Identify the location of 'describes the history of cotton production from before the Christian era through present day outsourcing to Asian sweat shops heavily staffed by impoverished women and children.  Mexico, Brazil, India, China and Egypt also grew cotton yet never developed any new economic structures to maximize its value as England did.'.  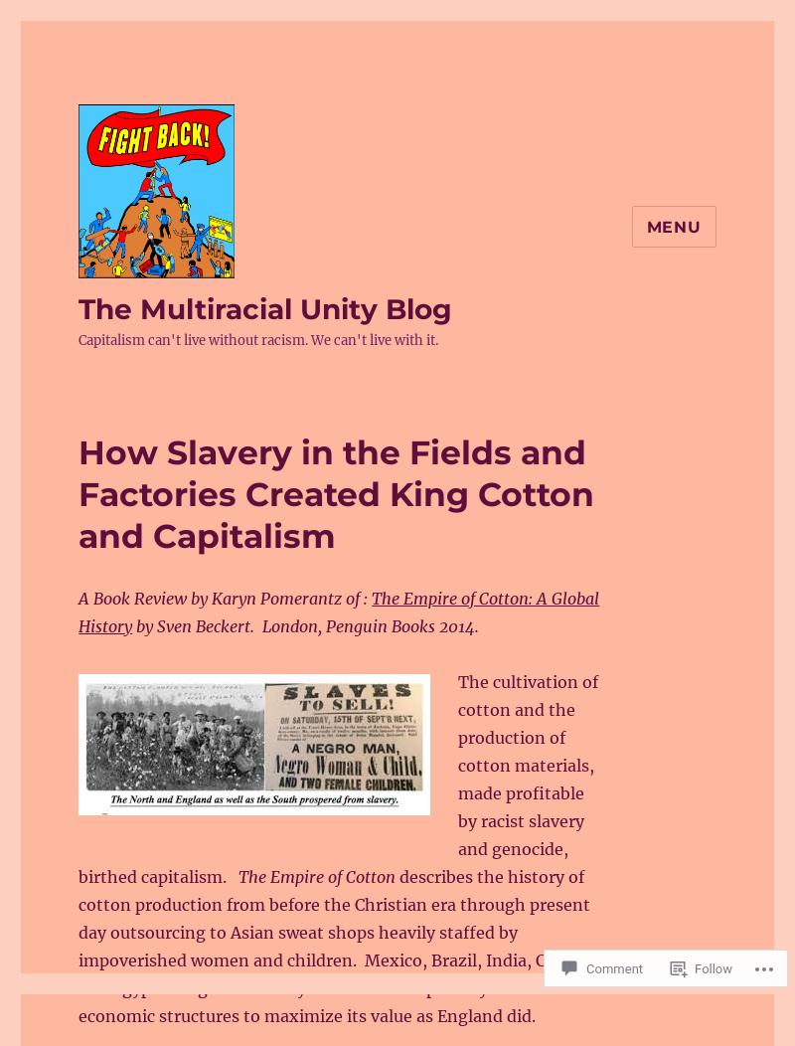
(334, 945).